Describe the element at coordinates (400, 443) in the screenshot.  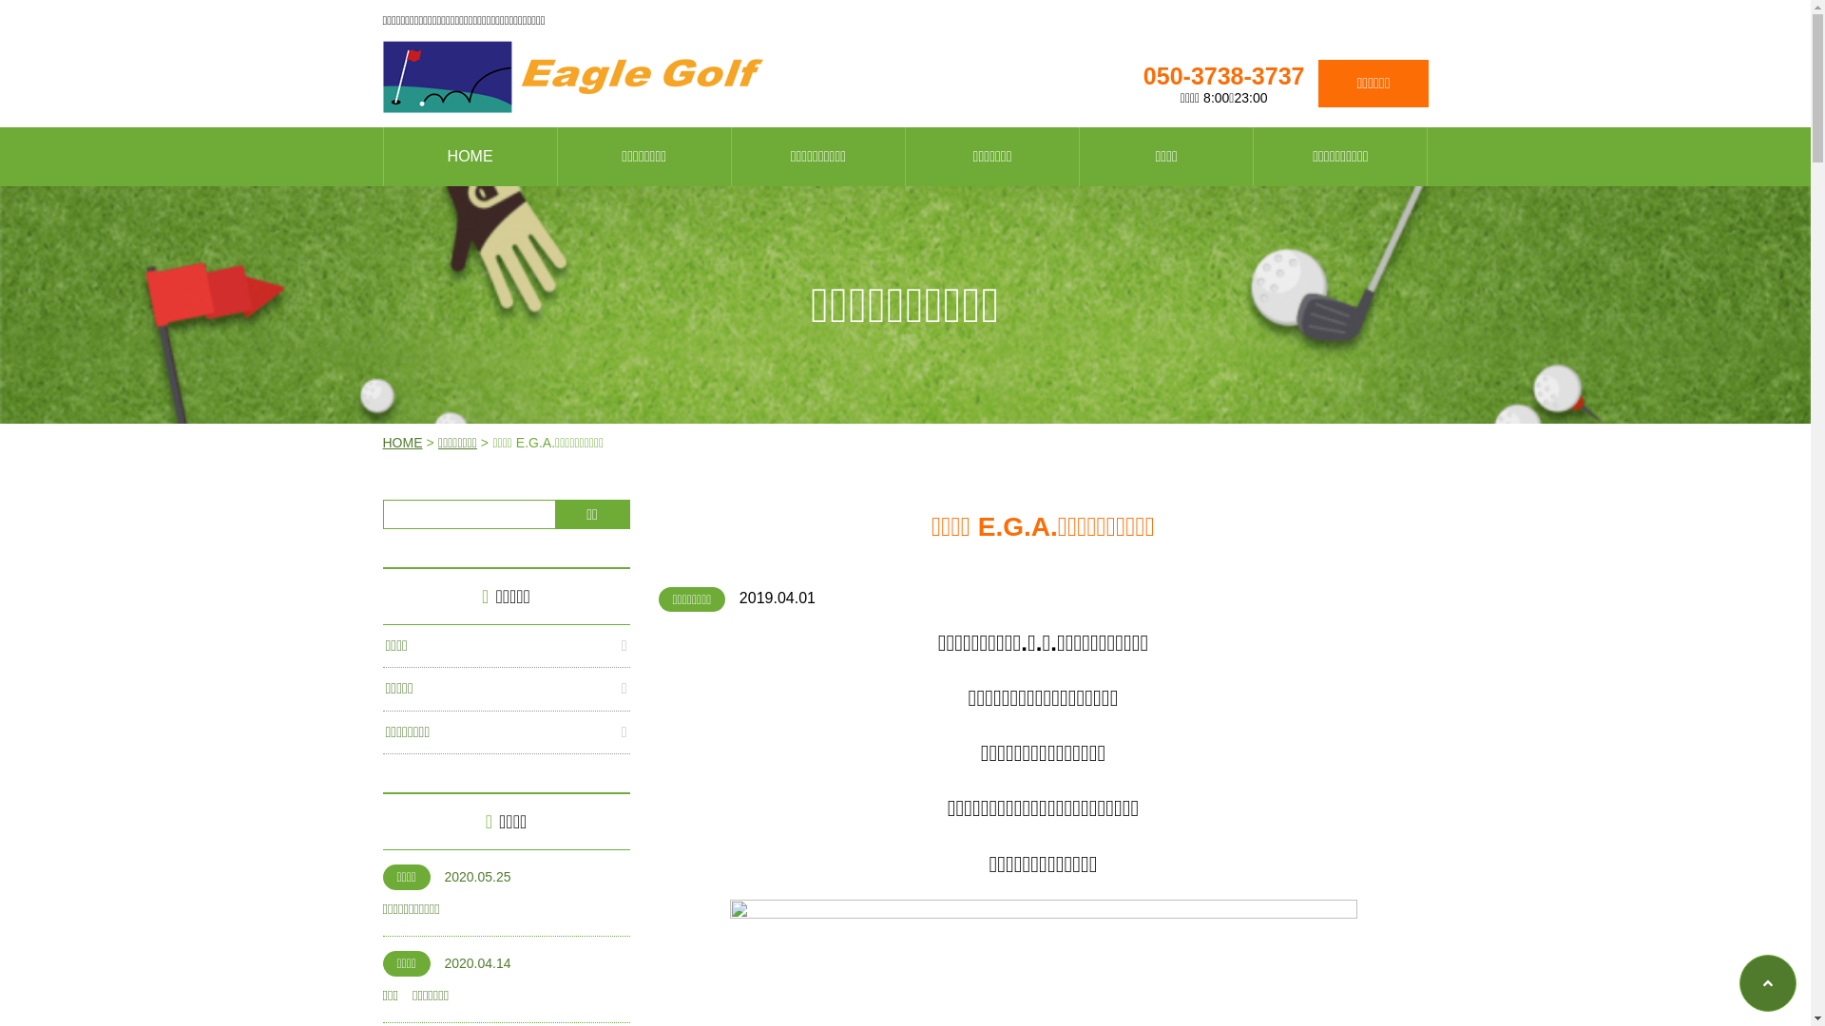
I see `'HOME'` at that location.